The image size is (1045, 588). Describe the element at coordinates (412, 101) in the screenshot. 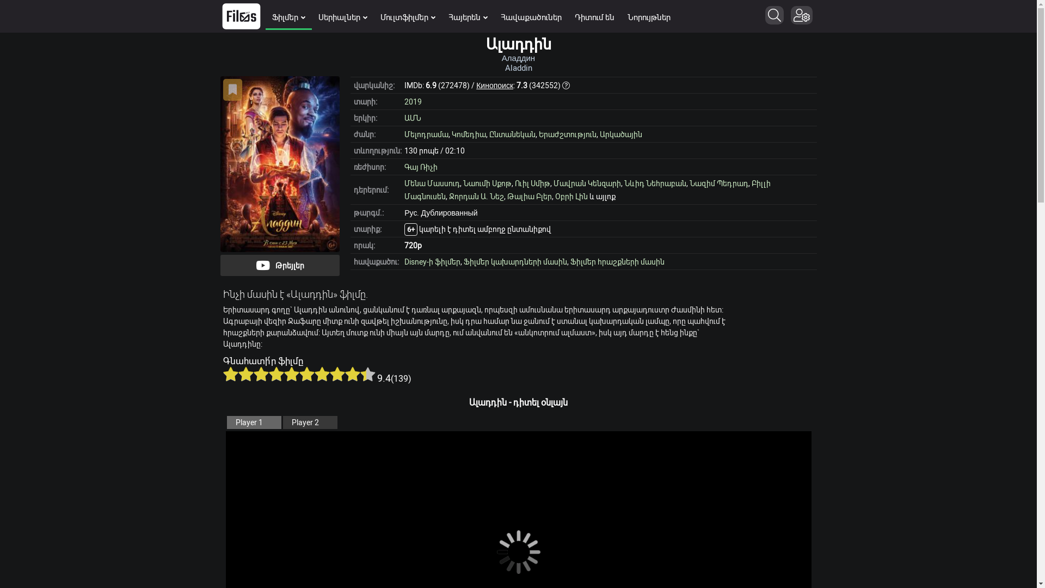

I see `'2019'` at that location.